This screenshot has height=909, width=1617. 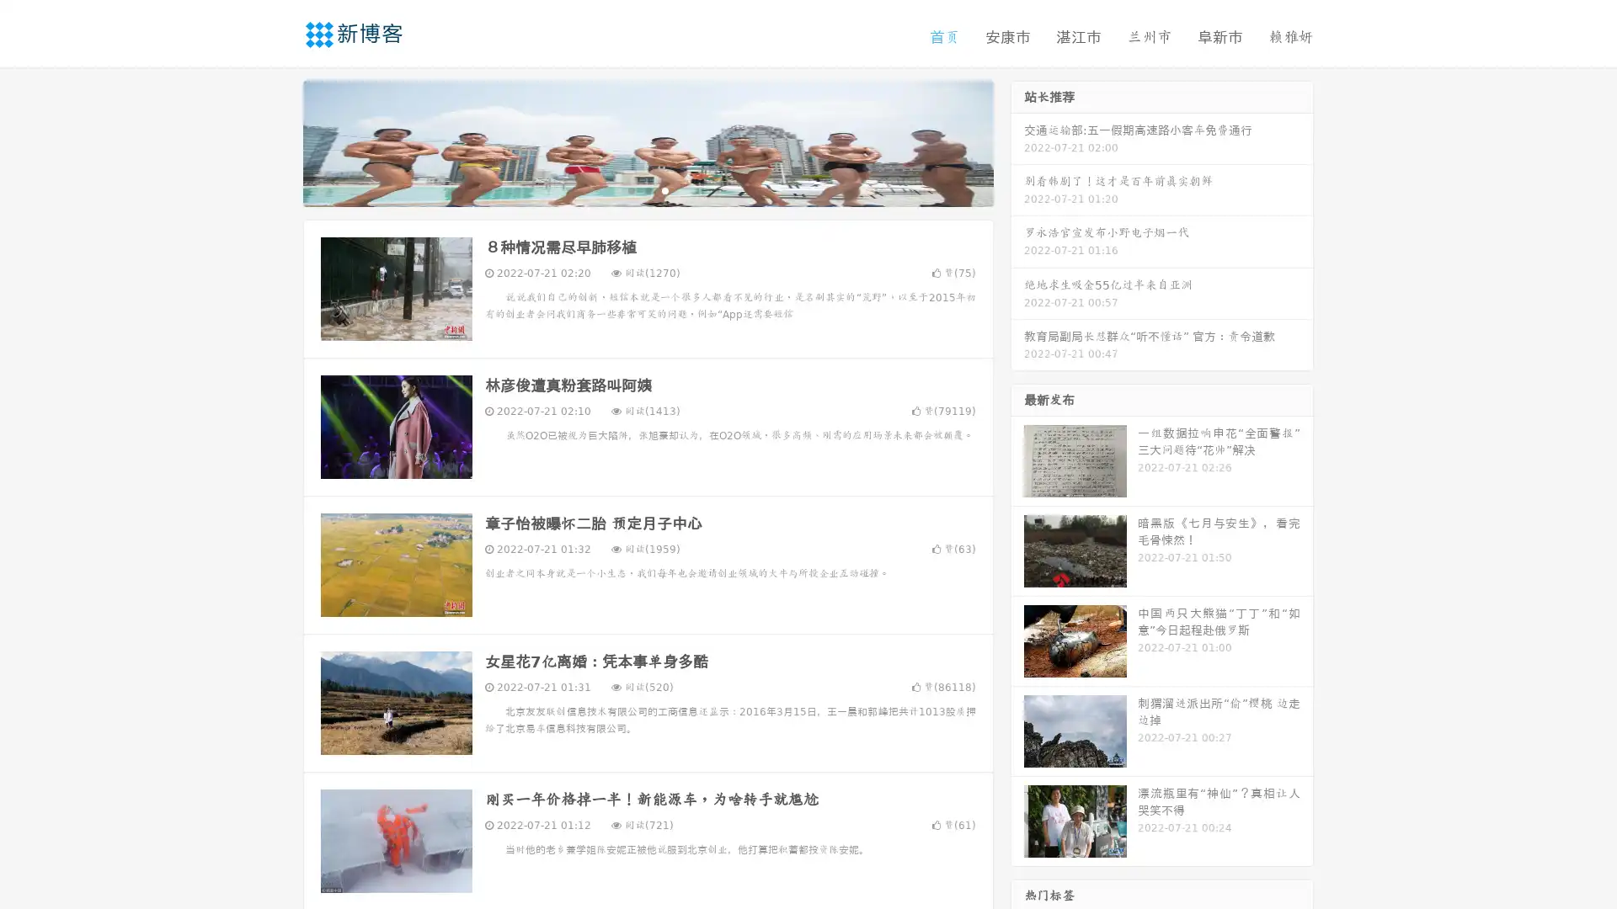 What do you see at coordinates (278, 141) in the screenshot?
I see `Previous slide` at bounding box center [278, 141].